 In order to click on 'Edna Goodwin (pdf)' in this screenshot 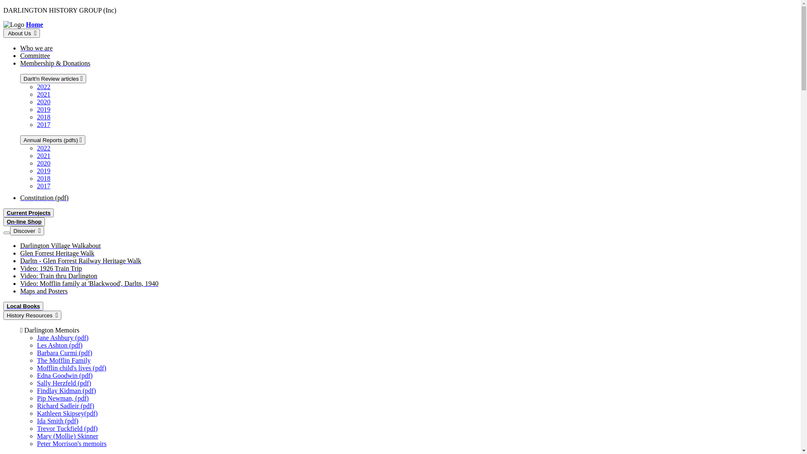, I will do `click(36, 375)`.